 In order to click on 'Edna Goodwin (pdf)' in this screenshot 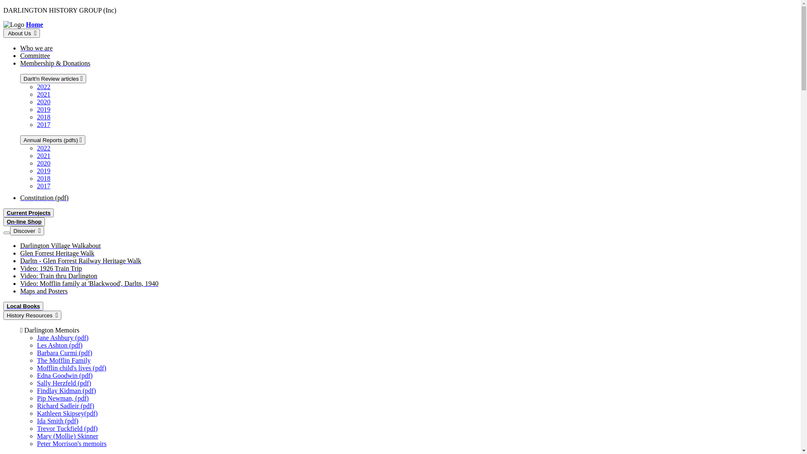, I will do `click(36, 375)`.